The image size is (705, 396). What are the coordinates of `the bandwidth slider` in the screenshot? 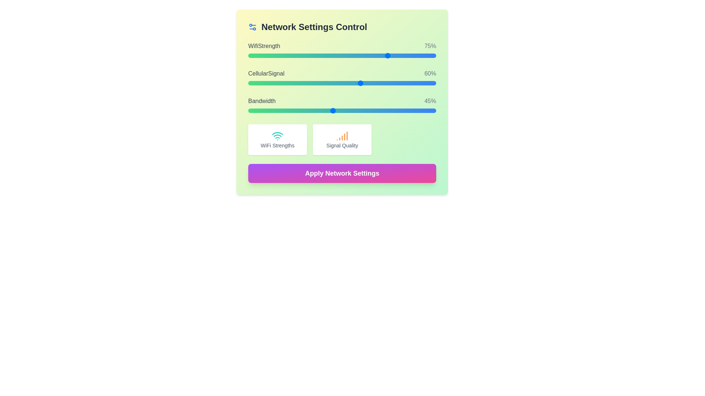 It's located at (293, 110).